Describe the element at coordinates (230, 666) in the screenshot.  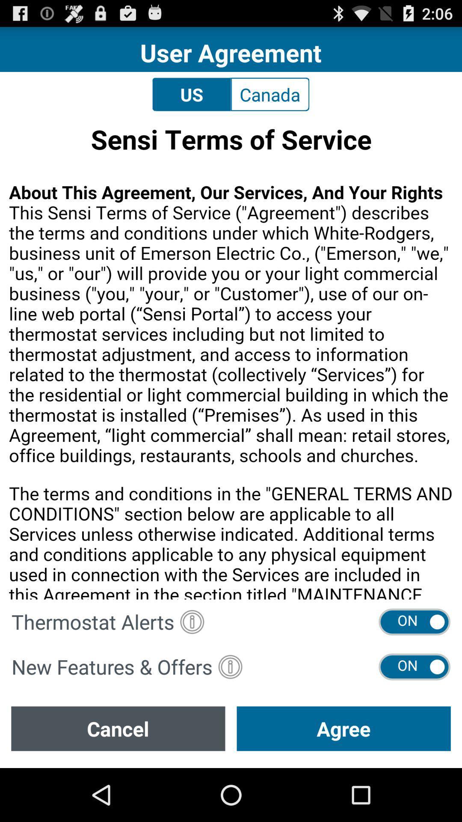
I see `more information button` at that location.